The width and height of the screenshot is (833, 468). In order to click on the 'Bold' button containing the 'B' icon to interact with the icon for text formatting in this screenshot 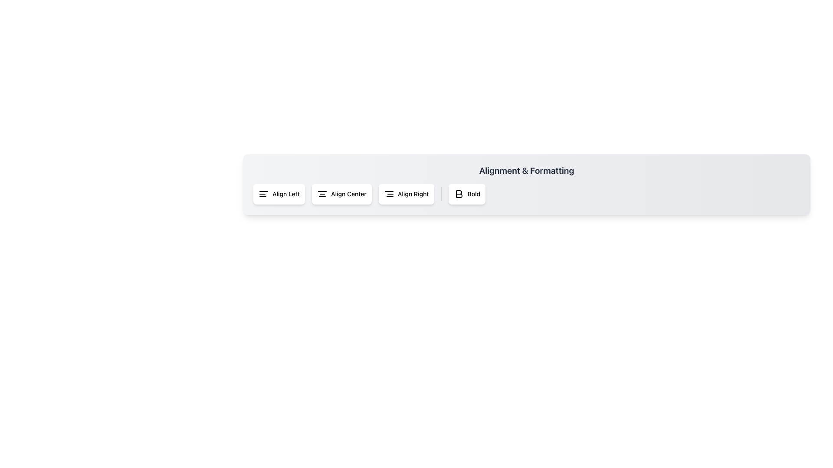, I will do `click(458, 193)`.